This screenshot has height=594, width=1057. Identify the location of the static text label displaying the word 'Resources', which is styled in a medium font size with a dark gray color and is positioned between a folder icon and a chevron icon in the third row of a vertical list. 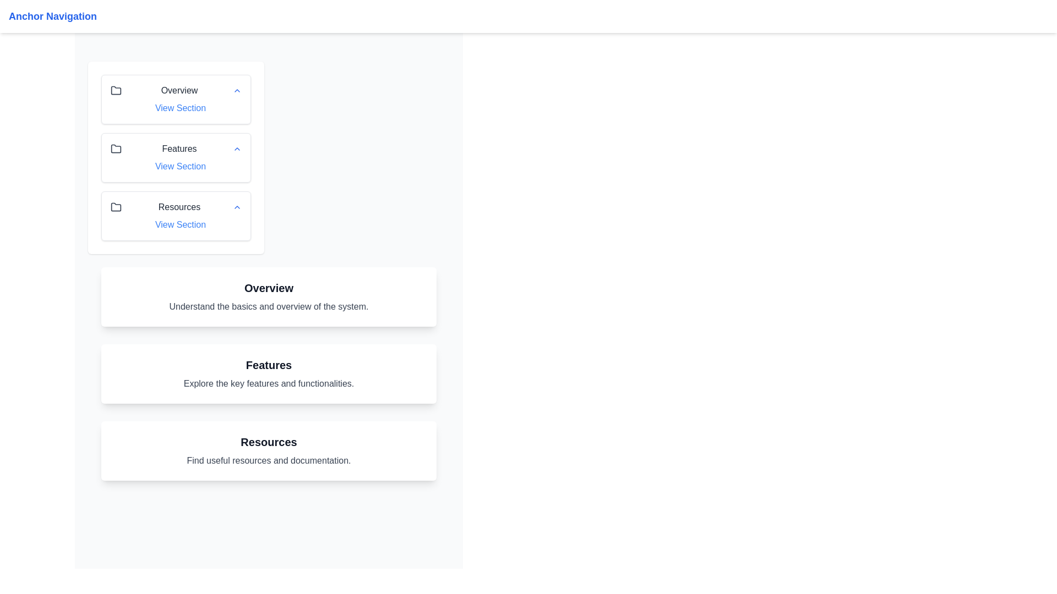
(179, 207).